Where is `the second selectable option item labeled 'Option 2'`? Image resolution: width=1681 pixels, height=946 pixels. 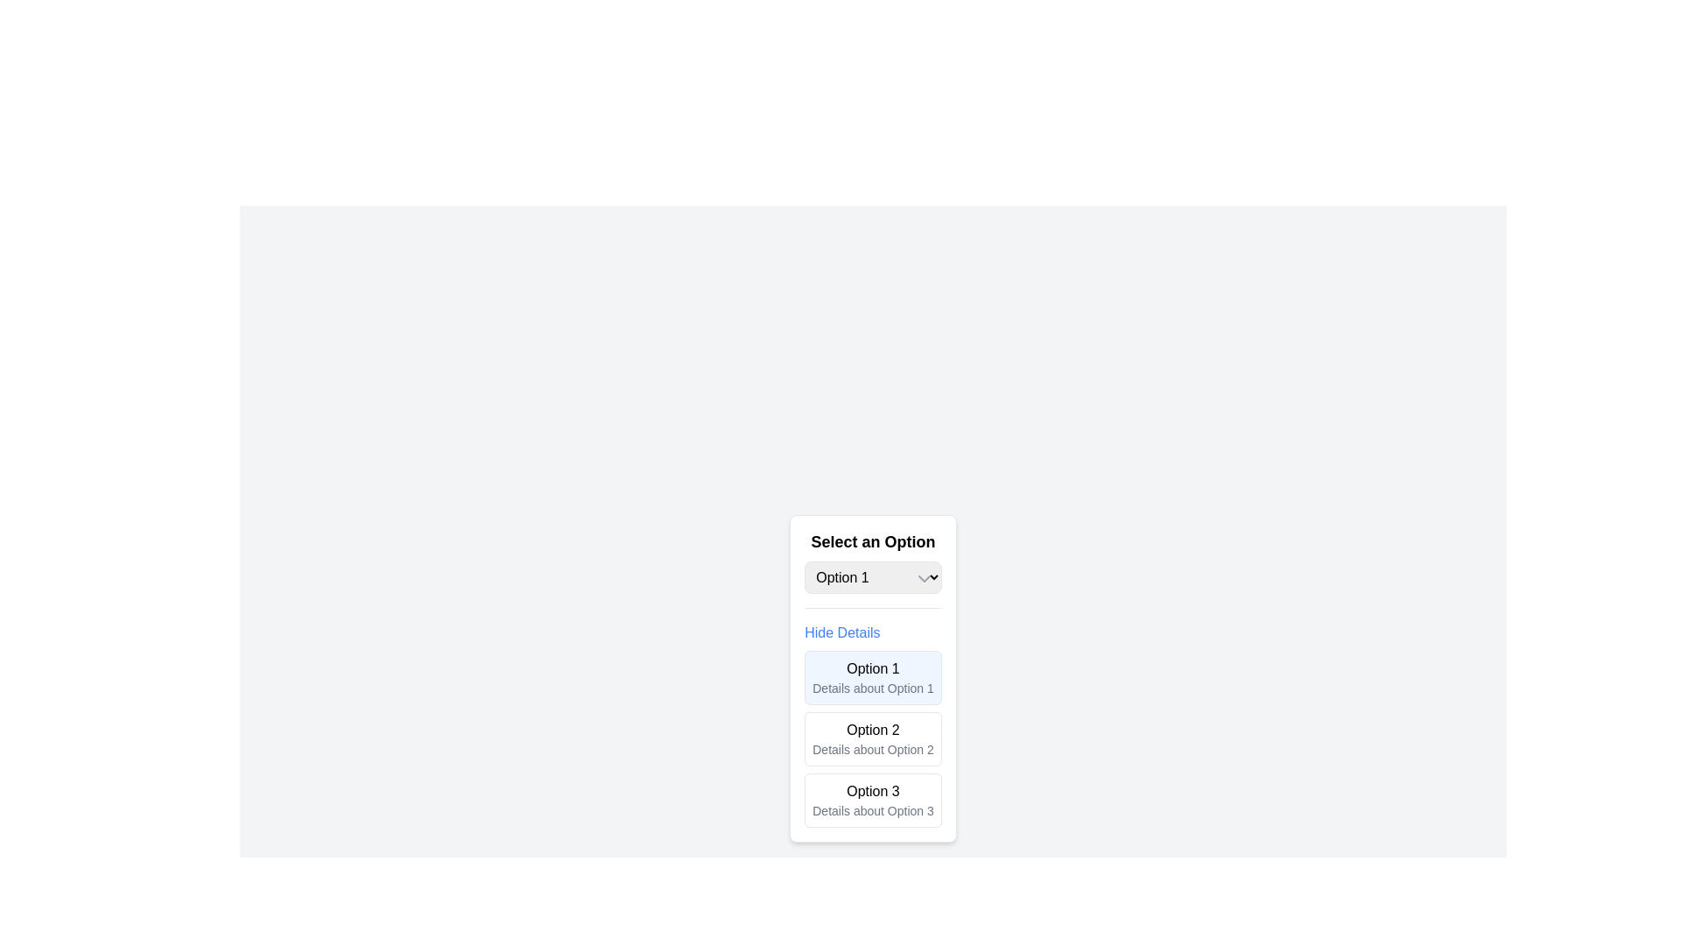 the second selectable option item labeled 'Option 2' is located at coordinates (873, 739).